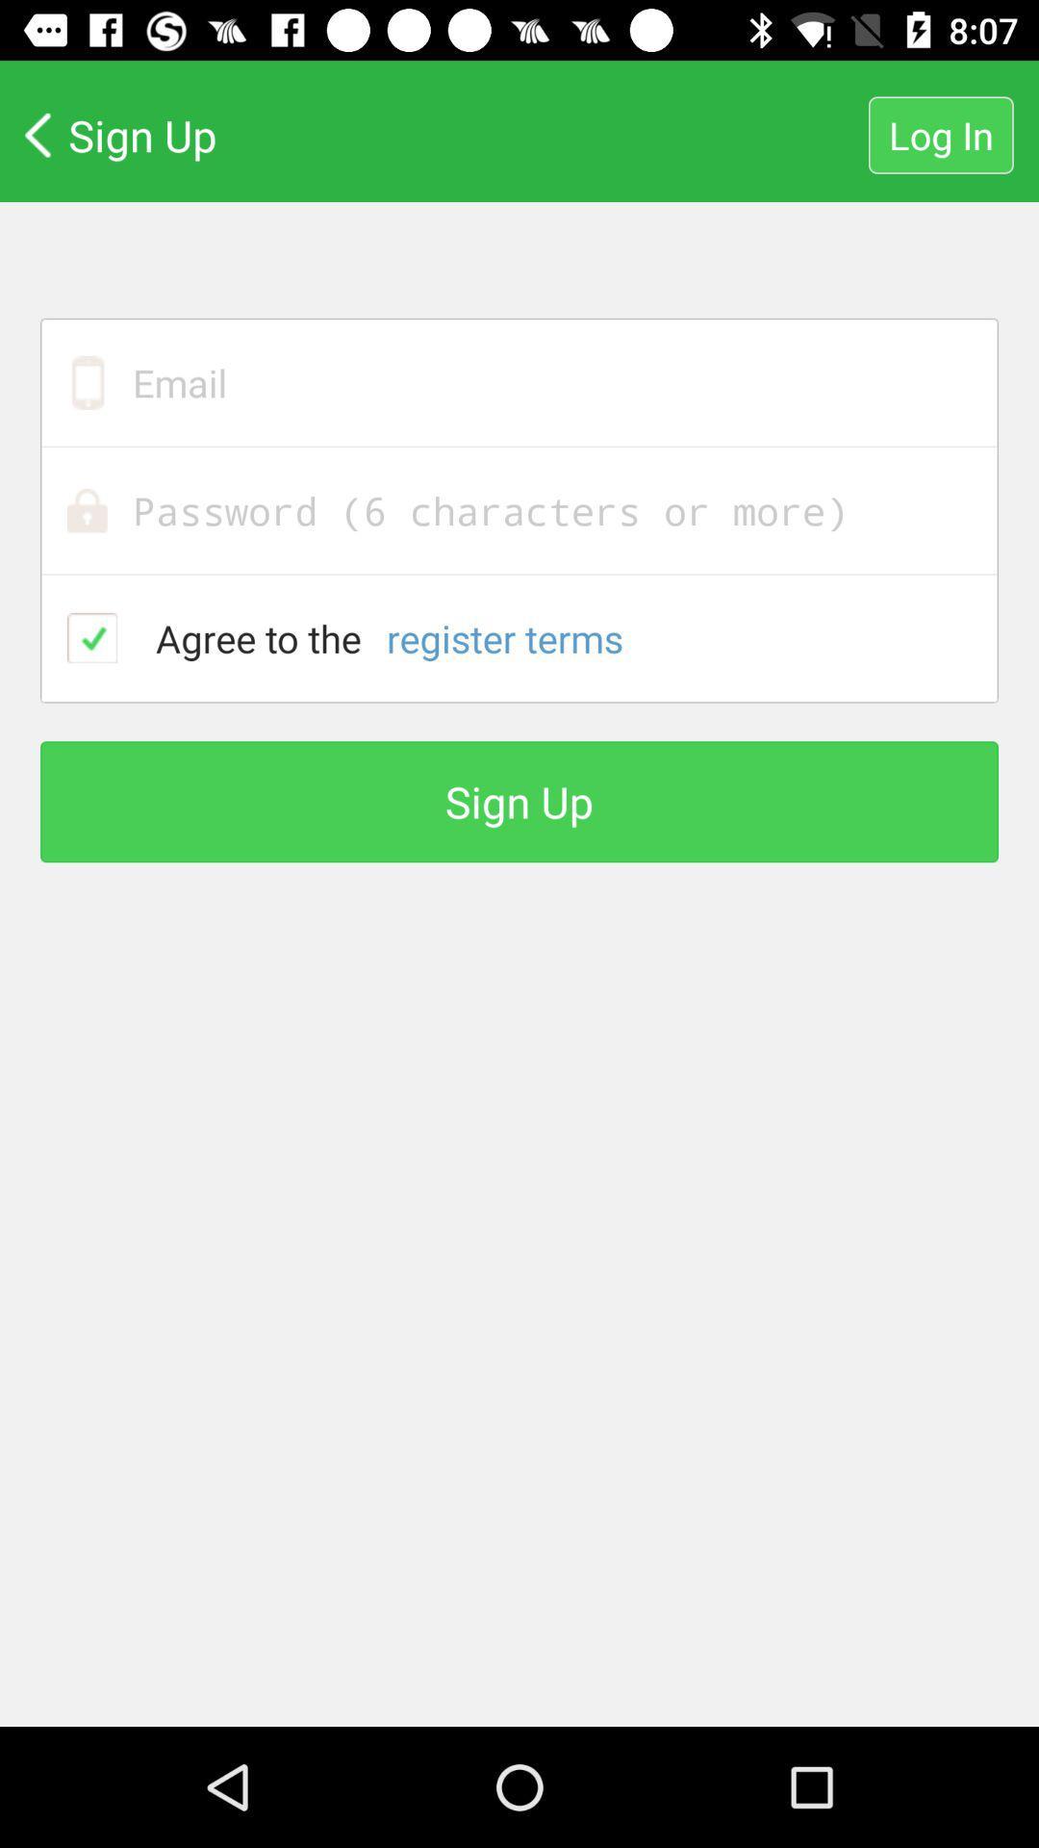  I want to click on icon to the right of the sign up item, so click(940, 134).